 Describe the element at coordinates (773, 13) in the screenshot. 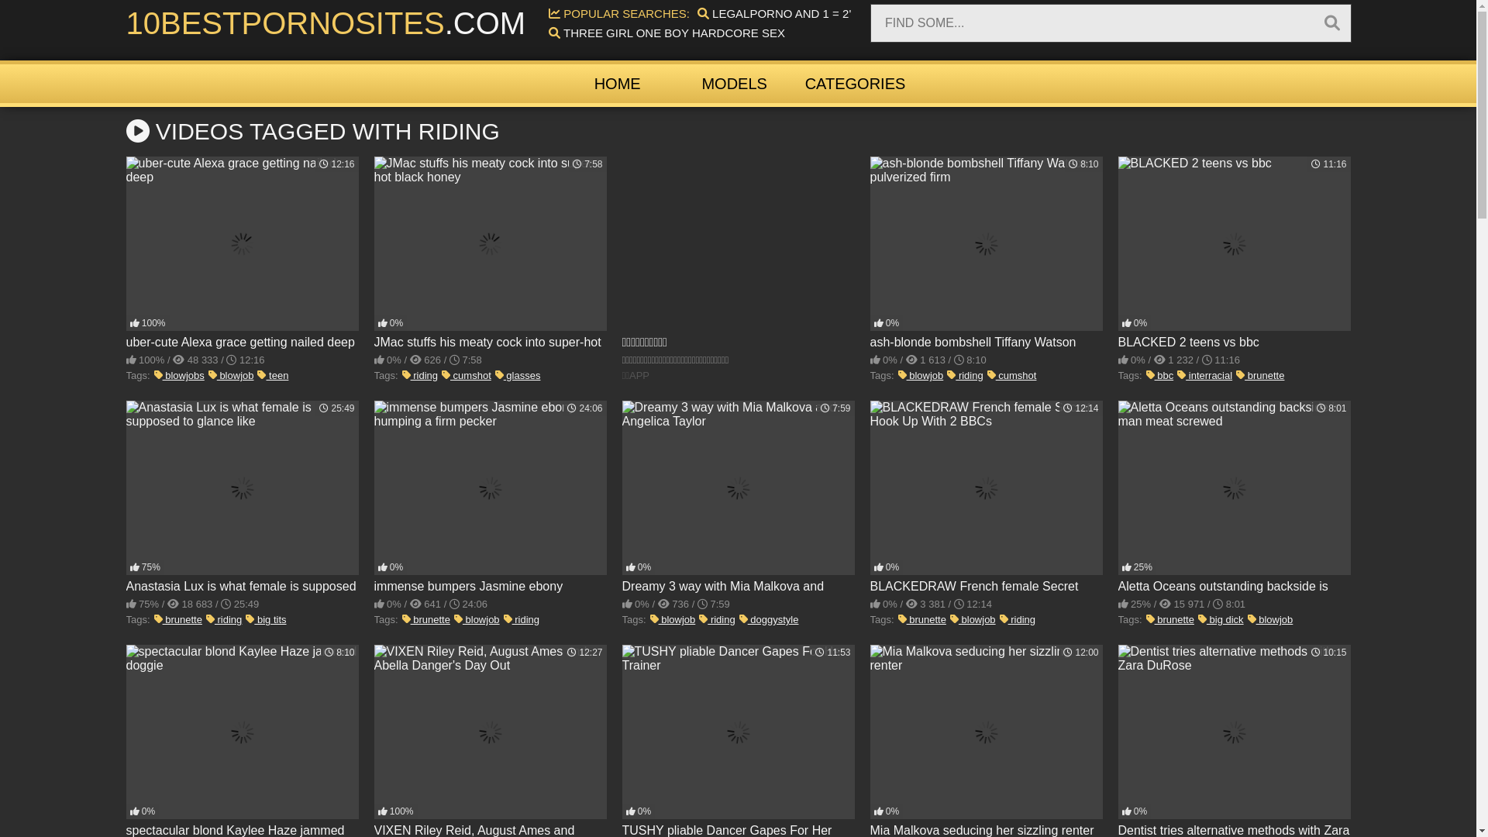

I see `'LEGALPORNO AND 1 = 2''` at that location.